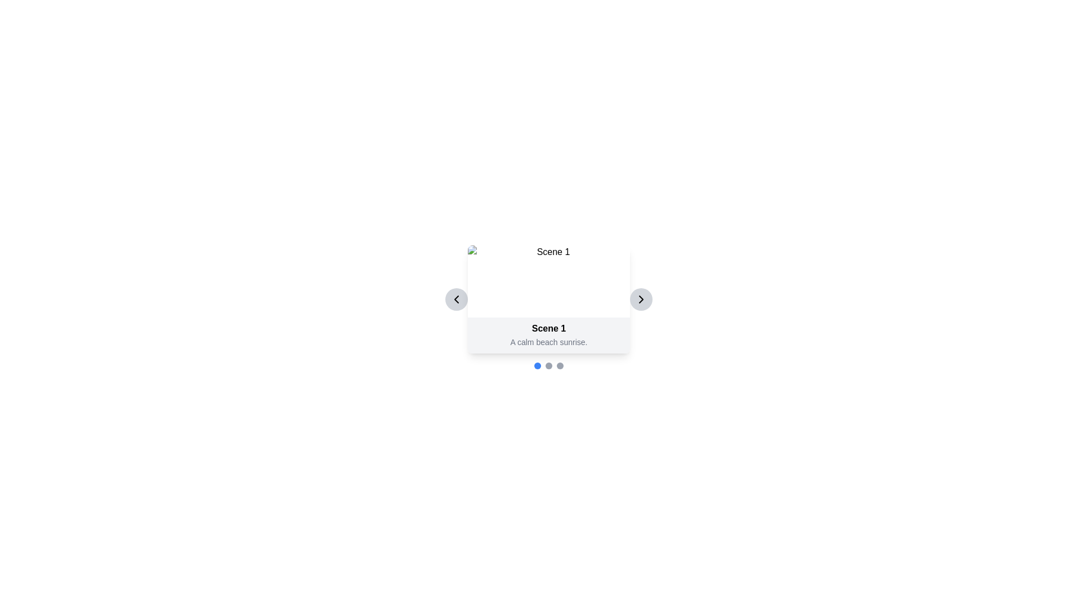 The height and width of the screenshot is (608, 1081). I want to click on the left arrow-shaped icon within the circular button, which has a light gray background and is located on the left side of the card-like structure, so click(457, 299).